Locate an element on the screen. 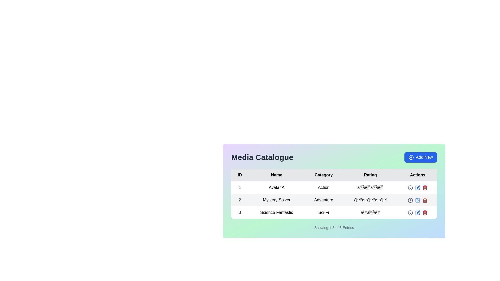 The height and width of the screenshot is (281, 500). the informational icon located in the 'Actions' column of the first row in the table, which provides additional information about the item is located at coordinates (410, 213).